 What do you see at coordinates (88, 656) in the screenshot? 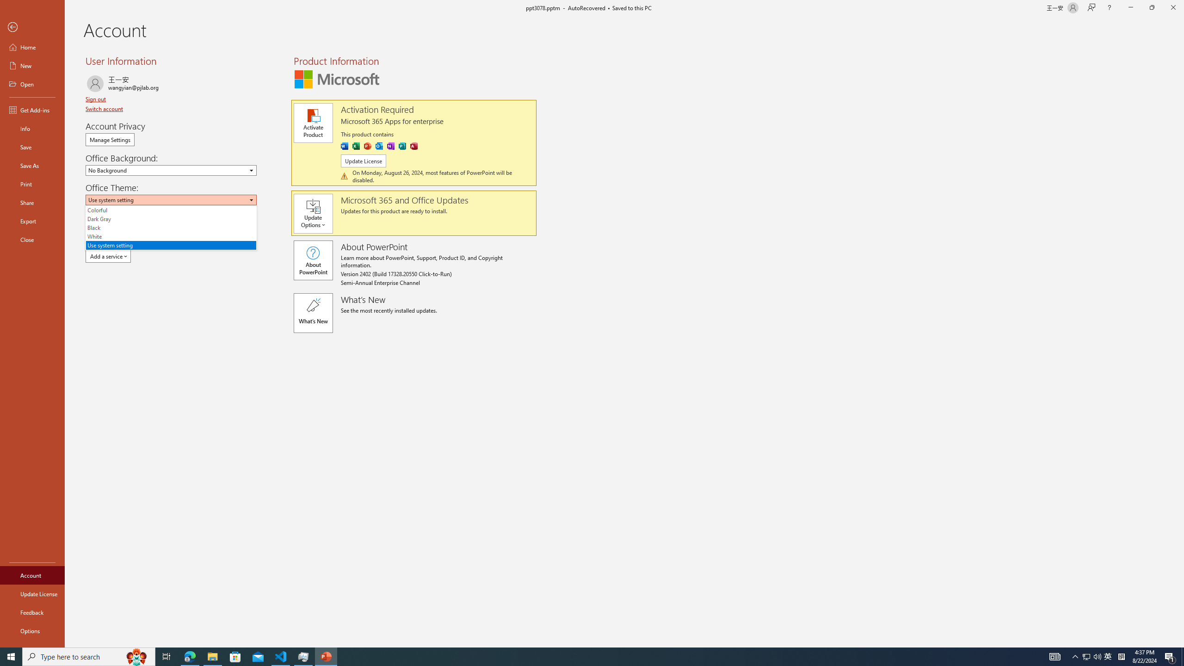
I see `'Type here to search'` at bounding box center [88, 656].